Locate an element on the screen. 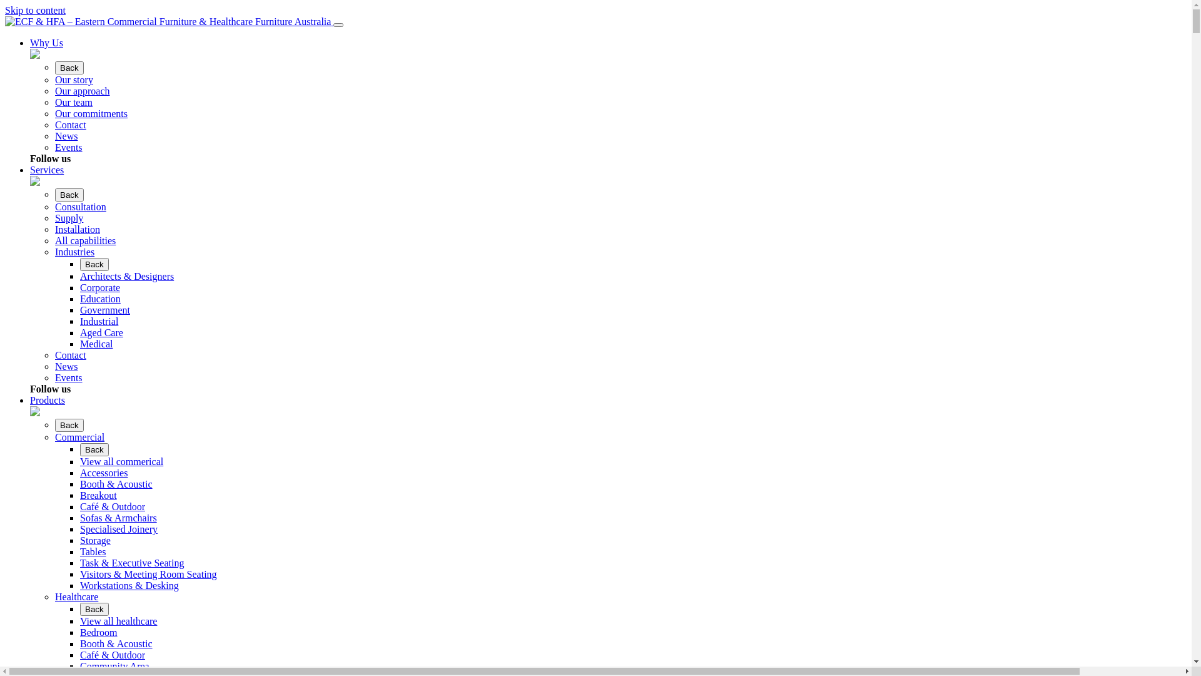  'Industrial' is located at coordinates (98, 320).